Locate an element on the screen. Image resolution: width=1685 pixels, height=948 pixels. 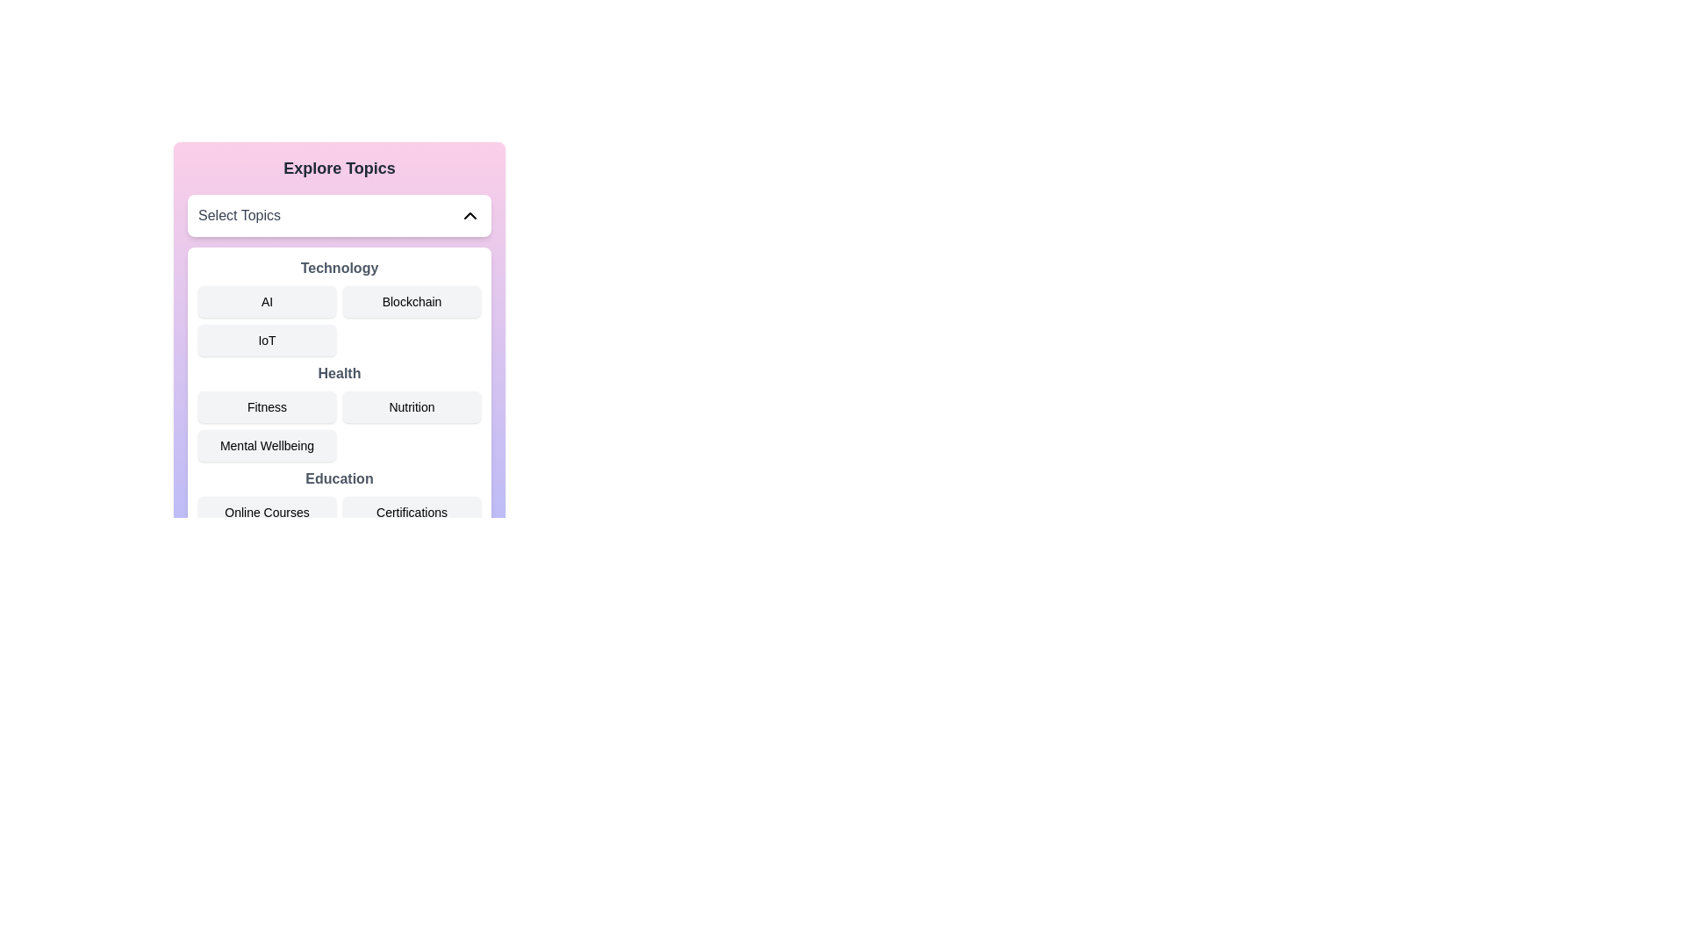
the 'Nutrition' button, which is styled as a rounded rectangle with a light gray background and centered black text is located at coordinates (411, 406).